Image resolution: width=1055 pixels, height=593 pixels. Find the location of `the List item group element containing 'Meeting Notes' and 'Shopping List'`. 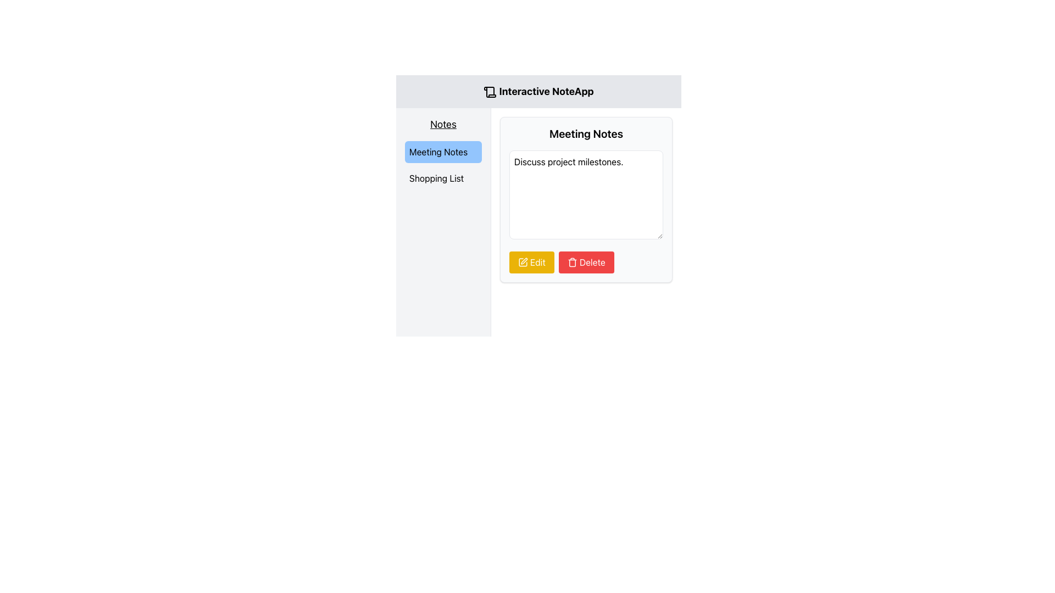

the List item group element containing 'Meeting Notes' and 'Shopping List' is located at coordinates (443, 165).